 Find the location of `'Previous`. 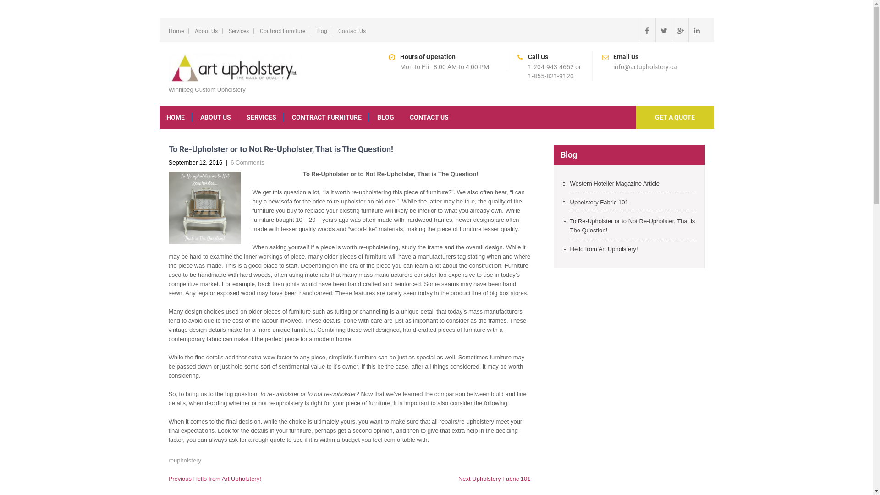

'Previous is located at coordinates (214, 478).